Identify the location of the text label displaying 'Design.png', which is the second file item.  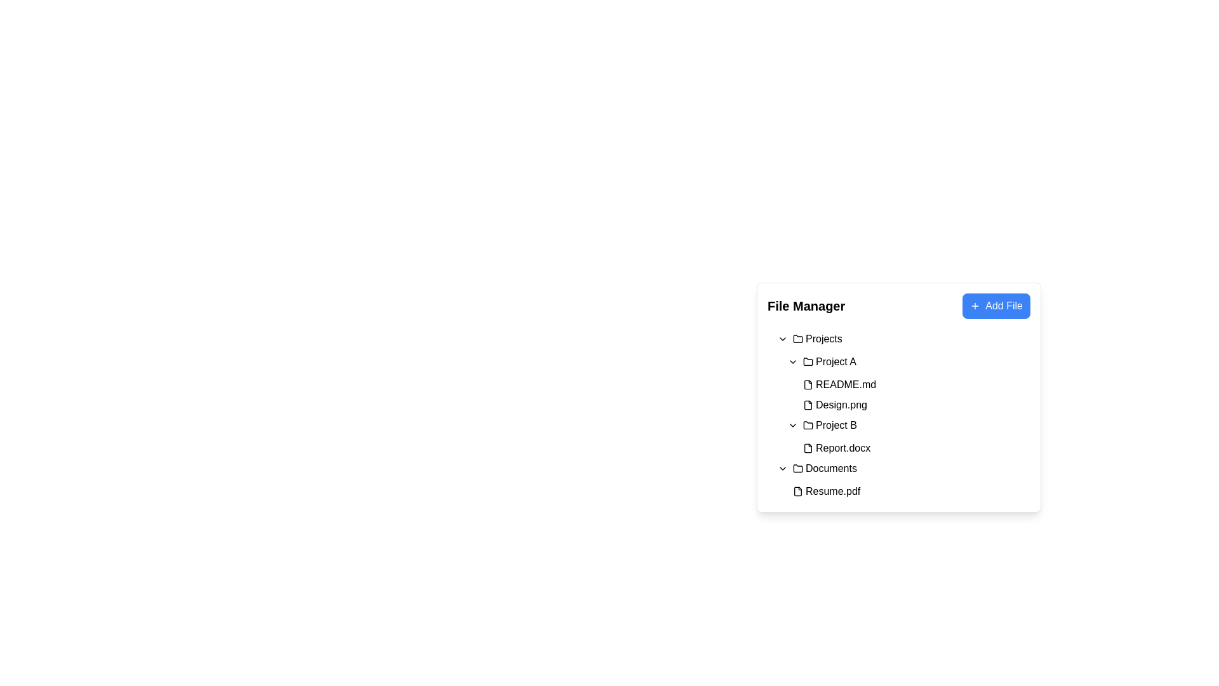
(841, 405).